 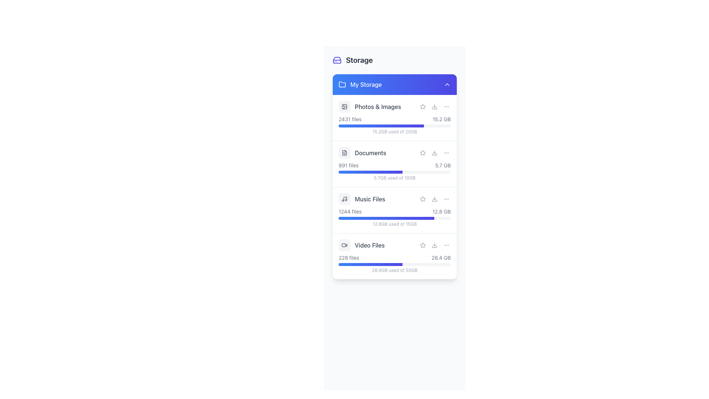 What do you see at coordinates (394, 117) in the screenshot?
I see `the first entry in the vertically stacked list of categories, which provides summarized information about the 'Photos & Images' storage category` at bounding box center [394, 117].